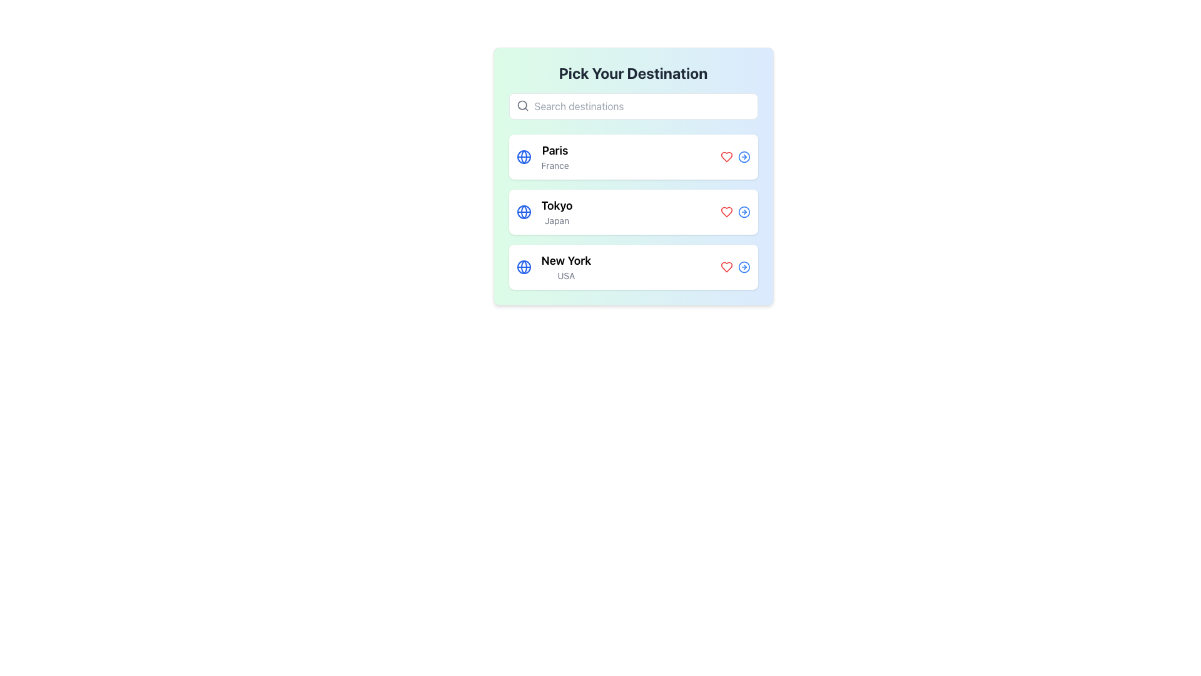  What do you see at coordinates (744, 267) in the screenshot?
I see `the circular border of the arrow icon located to the right of the 'New York, USA' entry in the list, which serves as an indicator within the icon group` at bounding box center [744, 267].